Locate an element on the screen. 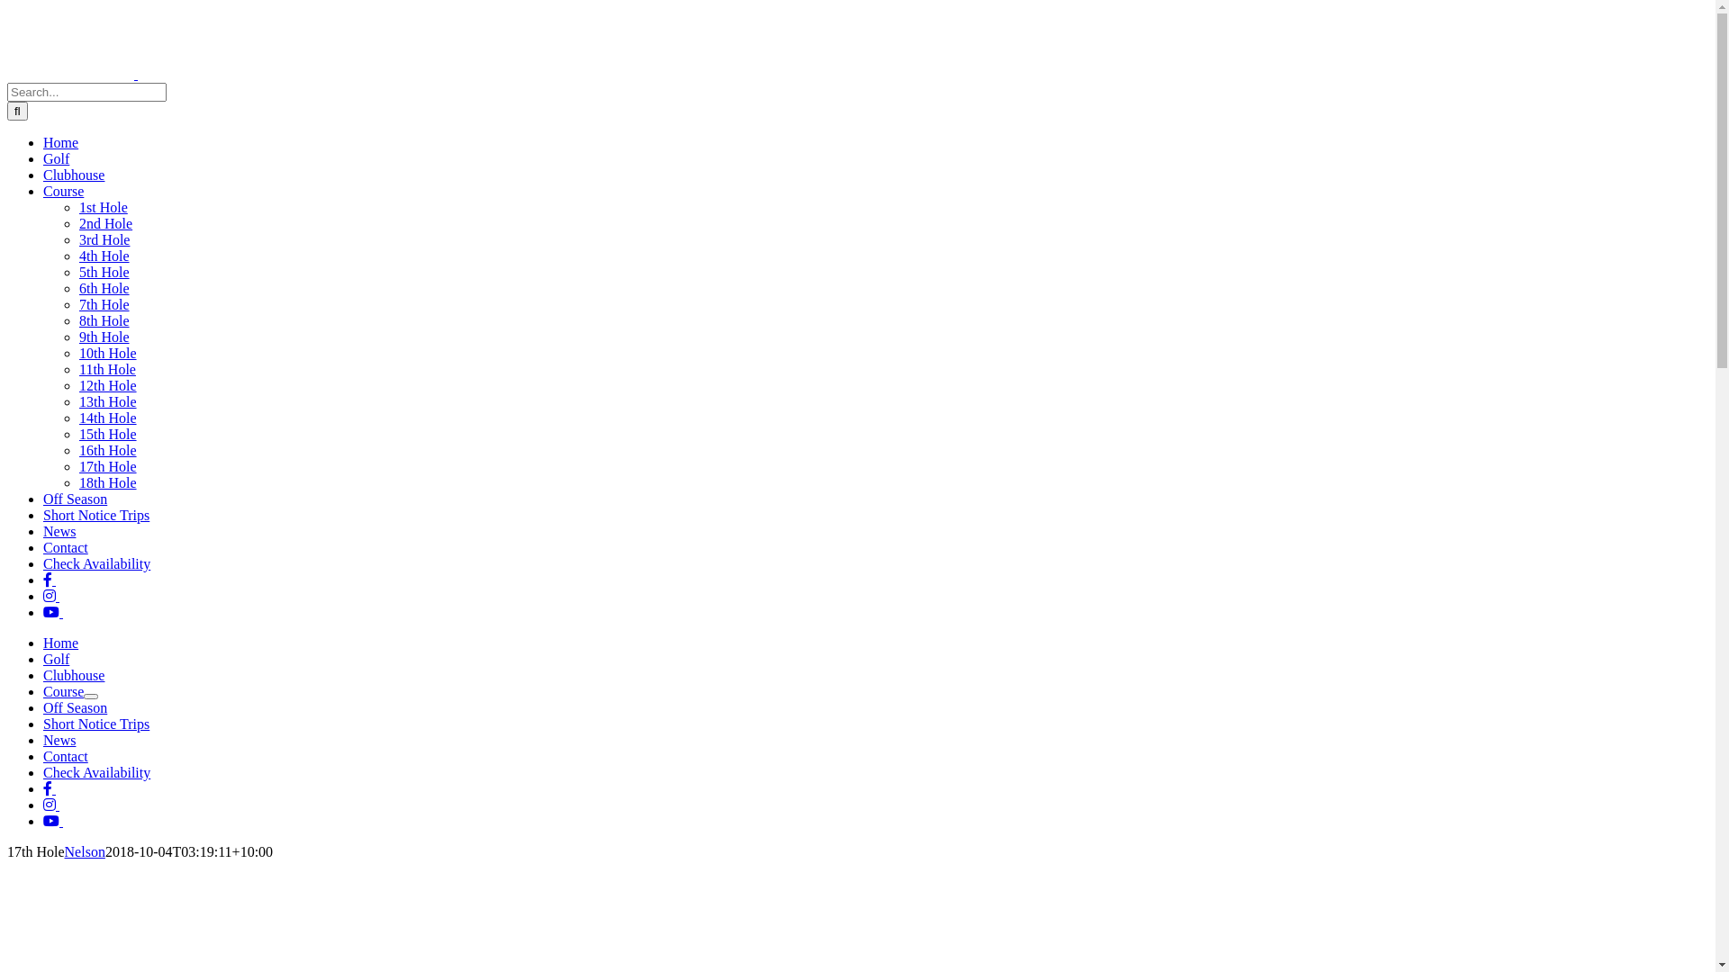  'Clubhouse' is located at coordinates (72, 175).